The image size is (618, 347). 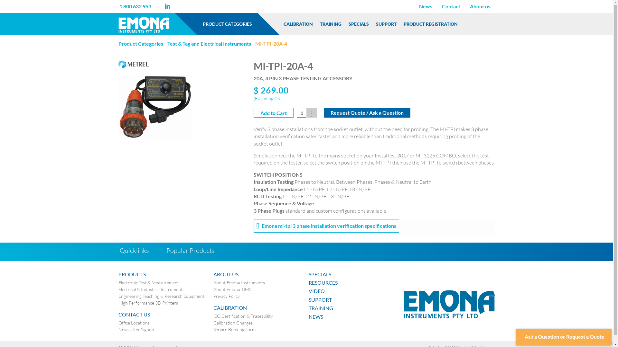 I want to click on 'EMONA INSTRUMENTS PTY LTD', so click(x=449, y=304).